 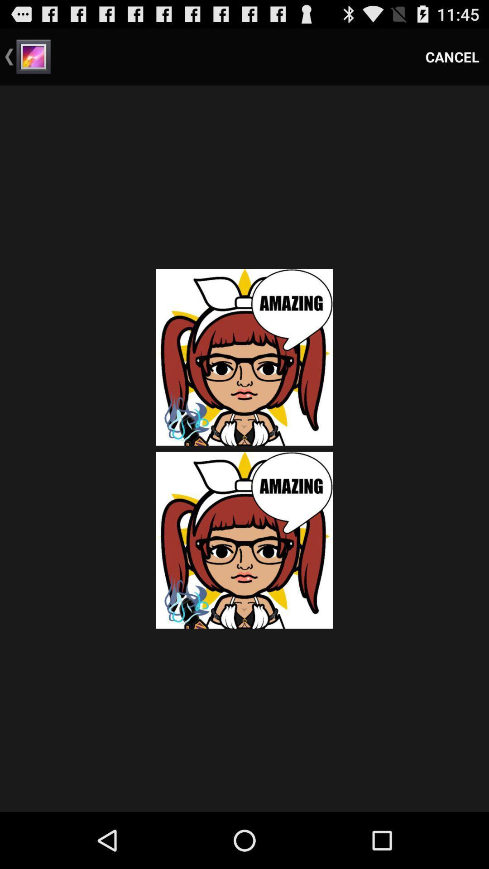 What do you see at coordinates (452, 56) in the screenshot?
I see `cancel at the top right corner` at bounding box center [452, 56].